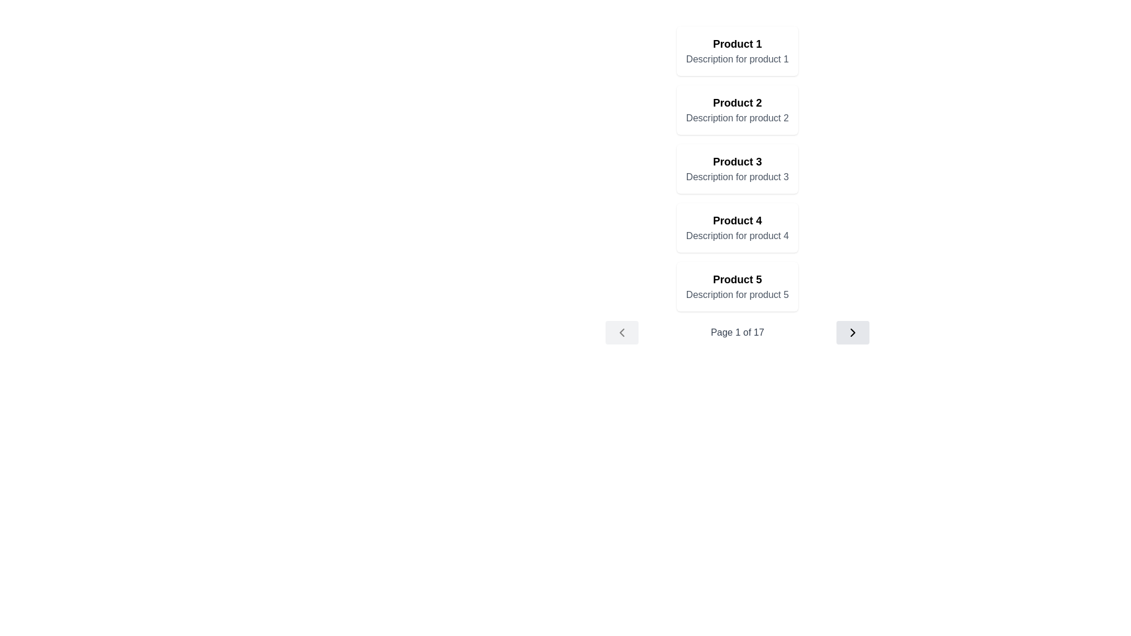 The width and height of the screenshot is (1131, 636). What do you see at coordinates (737, 43) in the screenshot?
I see `the bold text label 'Product 1' which is the first heading in the list of product cards, positioned above smaller descriptive text within a white card` at bounding box center [737, 43].